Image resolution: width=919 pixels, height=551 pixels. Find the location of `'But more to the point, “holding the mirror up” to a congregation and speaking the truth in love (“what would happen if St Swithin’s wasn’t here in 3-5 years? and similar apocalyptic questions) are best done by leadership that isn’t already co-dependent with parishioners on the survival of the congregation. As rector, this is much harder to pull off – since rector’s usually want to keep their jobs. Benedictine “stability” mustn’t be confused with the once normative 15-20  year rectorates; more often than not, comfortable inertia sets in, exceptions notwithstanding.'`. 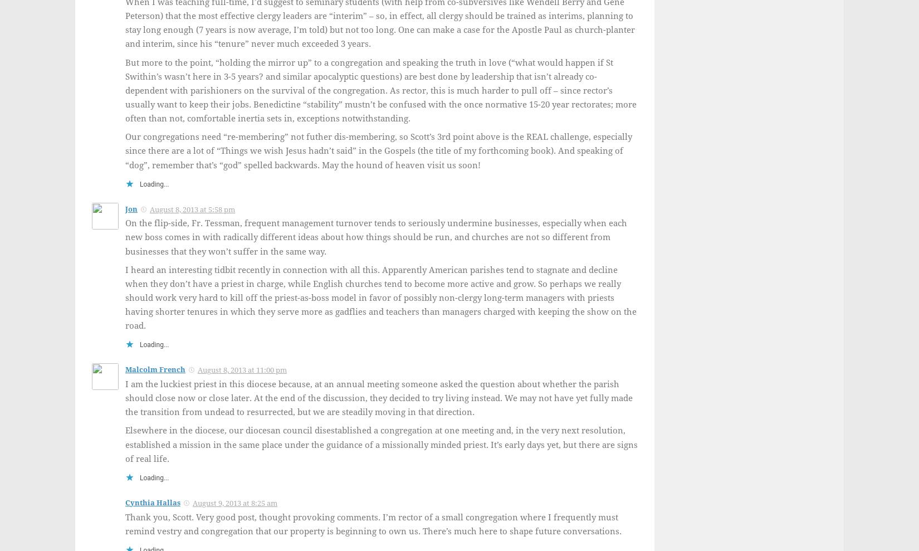

'But more to the point, “holding the mirror up” to a congregation and speaking the truth in love (“what would happen if St Swithin’s wasn’t here in 3-5 years? and similar apocalyptic questions) are best done by leadership that isn’t already co-dependent with parishioners on the survival of the congregation. As rector, this is much harder to pull off – since rector’s usually want to keep their jobs. Benedictine “stability” mustn’t be confused with the once normative 15-20  year rectorates; more often than not, comfortable inertia sets in, exceptions notwithstanding.' is located at coordinates (380, 90).